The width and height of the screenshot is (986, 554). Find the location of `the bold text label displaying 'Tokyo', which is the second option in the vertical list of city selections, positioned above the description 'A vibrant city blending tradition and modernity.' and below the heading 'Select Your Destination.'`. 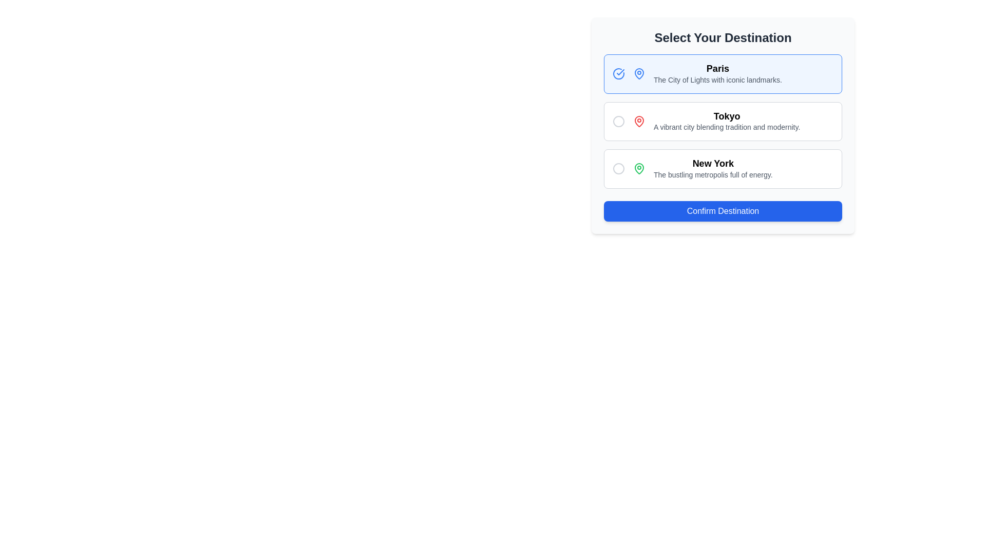

the bold text label displaying 'Tokyo', which is the second option in the vertical list of city selections, positioned above the description 'A vibrant city blending tradition and modernity.' and below the heading 'Select Your Destination.' is located at coordinates (726, 115).